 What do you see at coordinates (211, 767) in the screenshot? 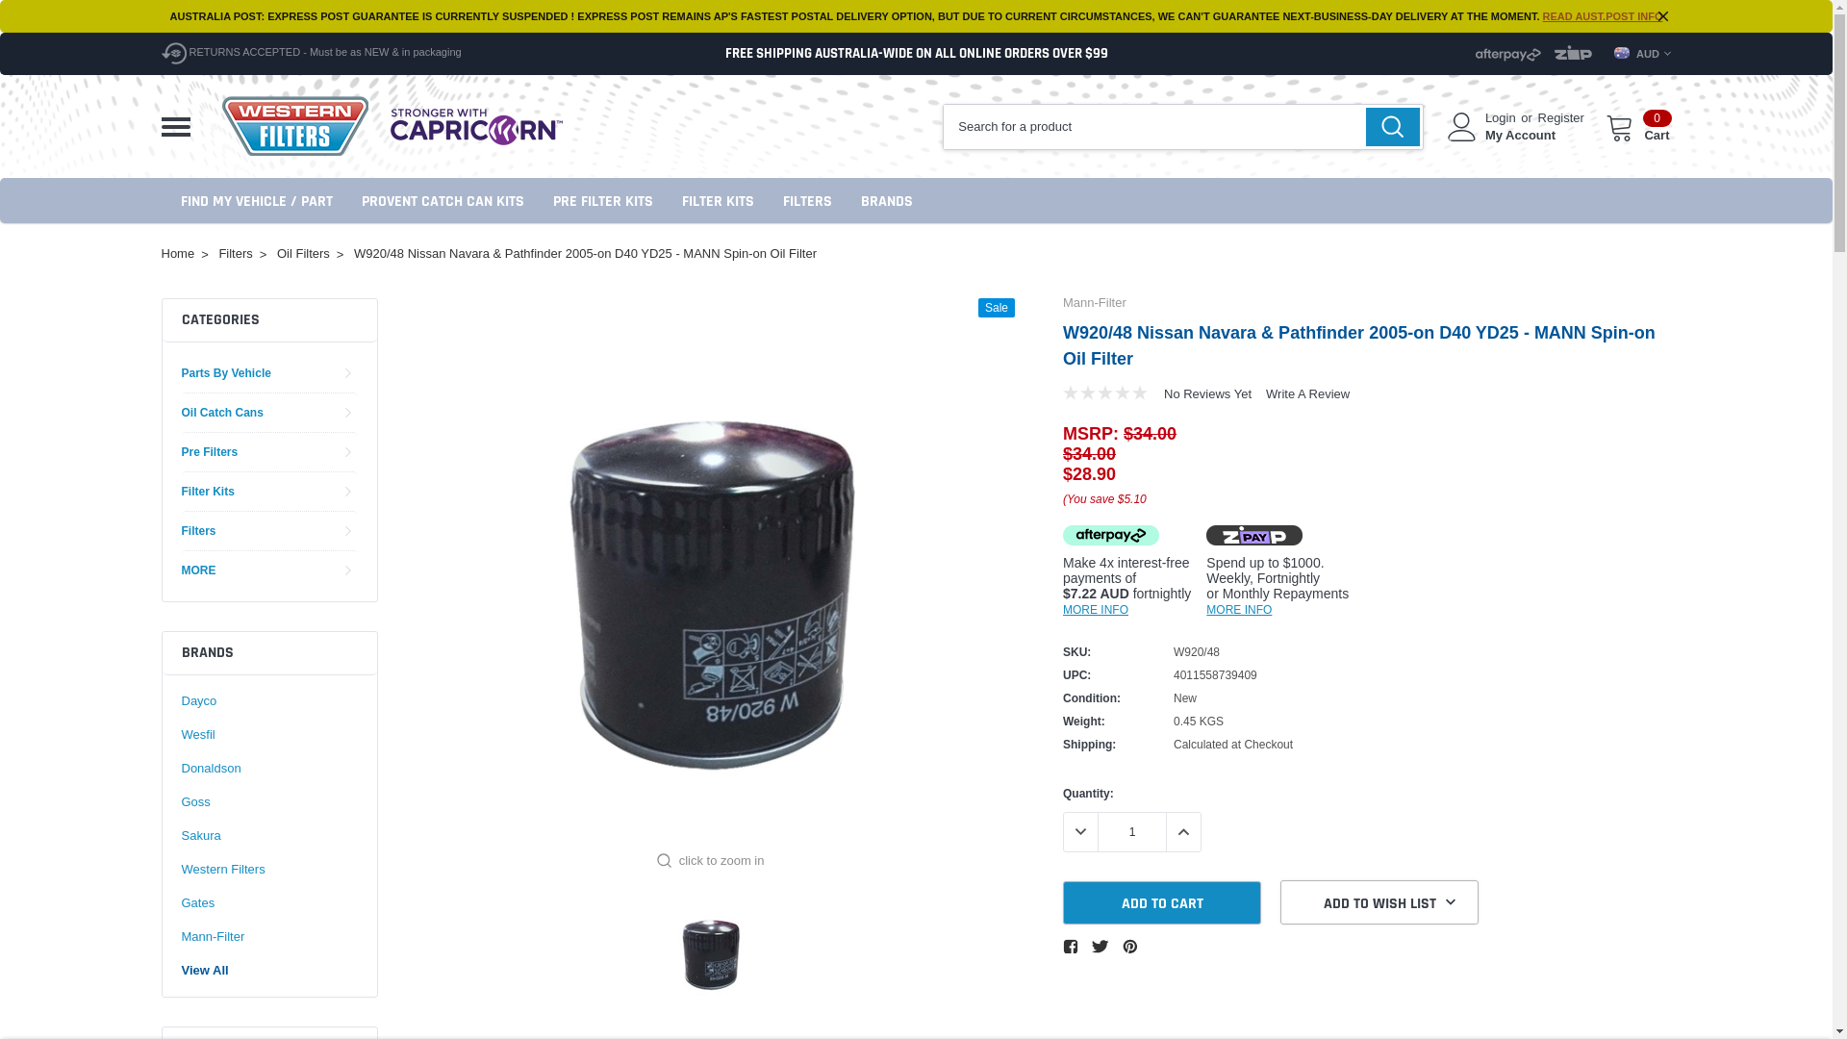
I see `'Donaldson'` at bounding box center [211, 767].